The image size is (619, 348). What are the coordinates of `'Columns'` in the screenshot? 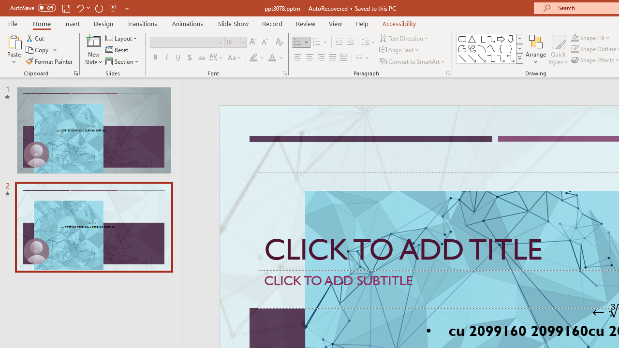 It's located at (362, 58).